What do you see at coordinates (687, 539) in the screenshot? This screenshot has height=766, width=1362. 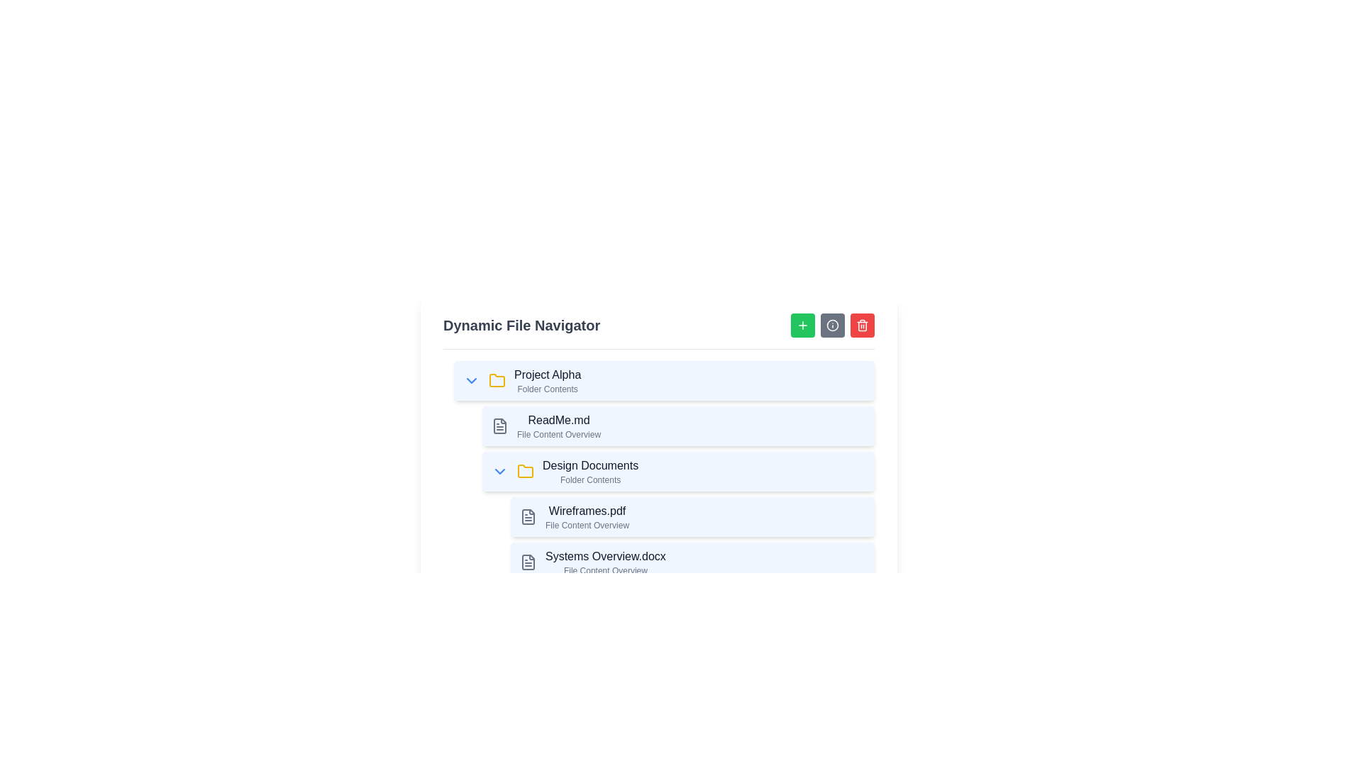 I see `to rearrange or move the file entry in the List group containing file entries, specifically targeting the center point of the element located below the expanded folder labeled 'Design Documents'` at bounding box center [687, 539].